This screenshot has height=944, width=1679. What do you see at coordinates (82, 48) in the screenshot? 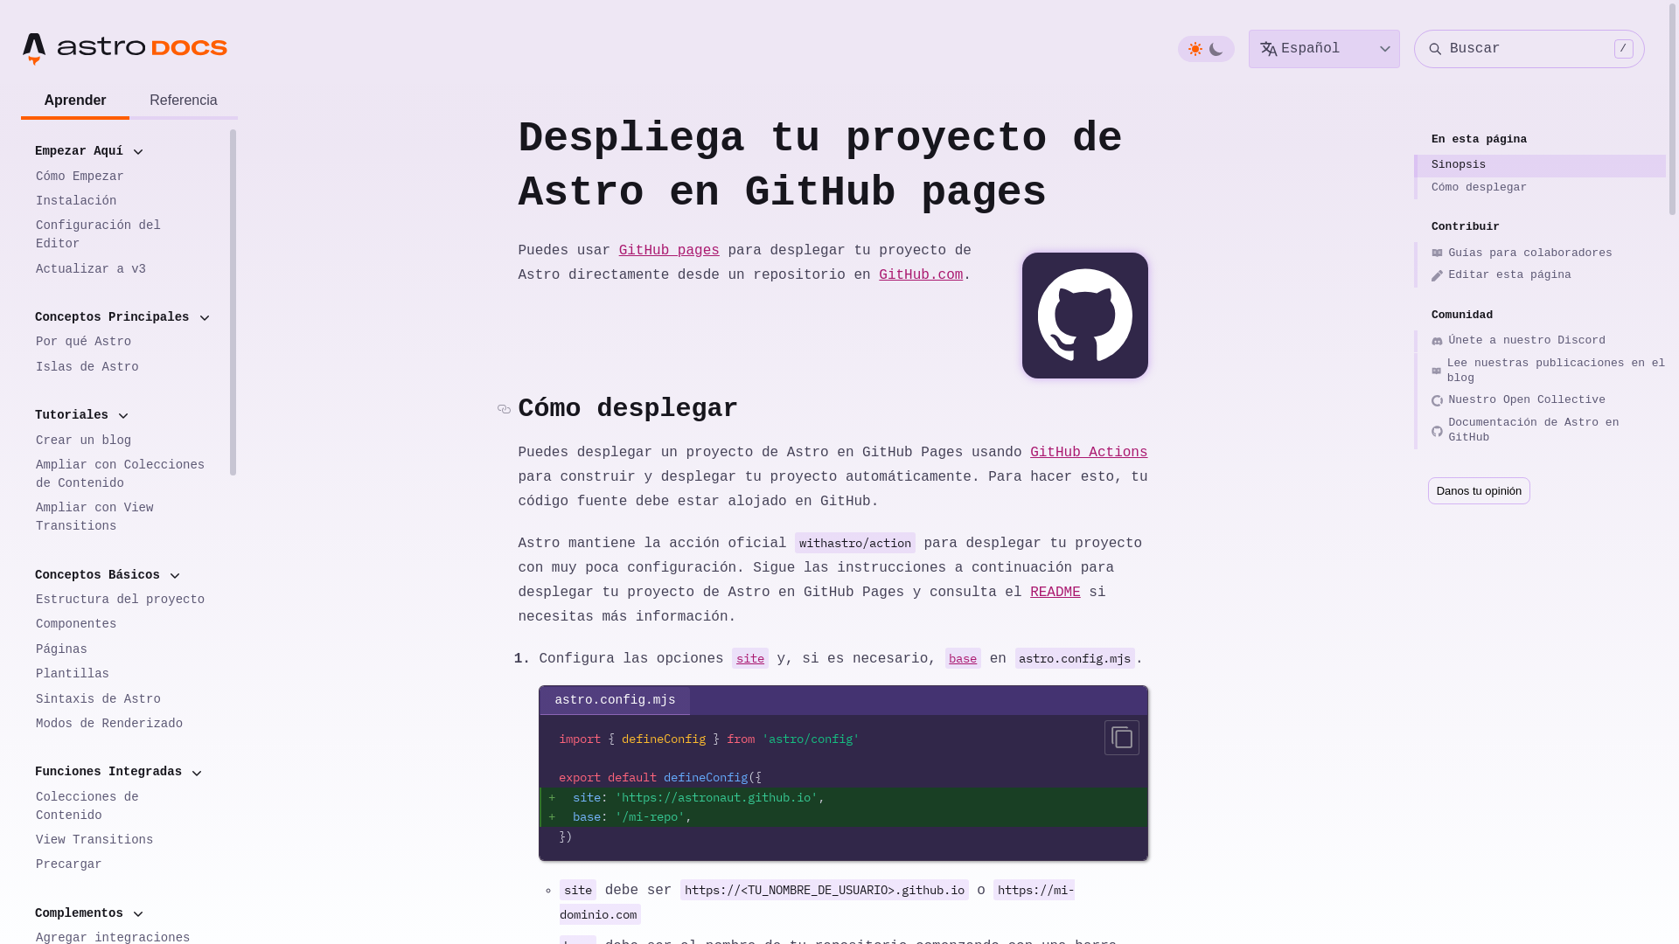
I see `'Astro'` at bounding box center [82, 48].